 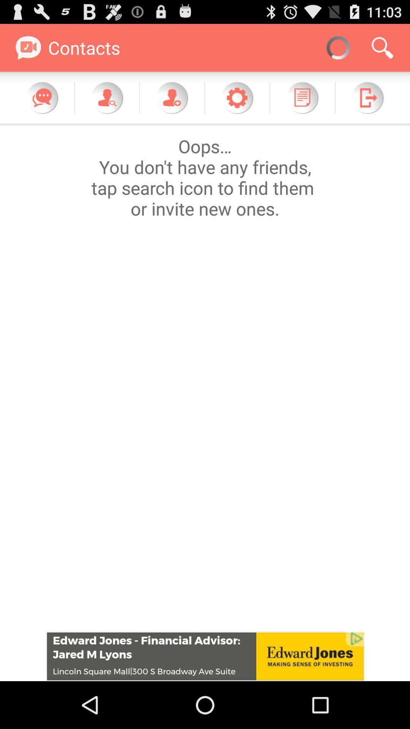 I want to click on the settings icon, so click(x=237, y=104).